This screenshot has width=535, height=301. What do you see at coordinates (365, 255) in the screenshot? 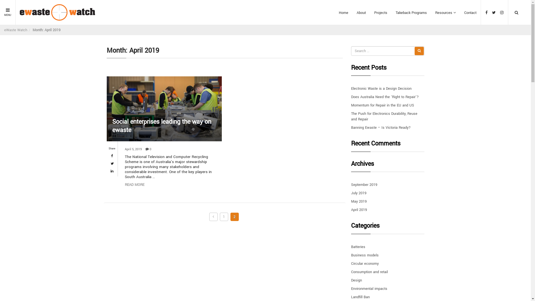
I see `'Business models'` at bounding box center [365, 255].